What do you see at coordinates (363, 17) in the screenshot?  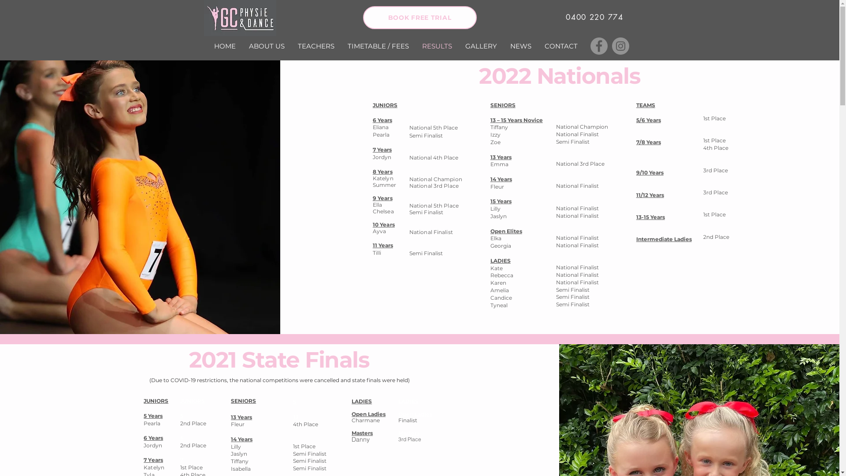 I see `'BOOK FREE TRIAL'` at bounding box center [363, 17].